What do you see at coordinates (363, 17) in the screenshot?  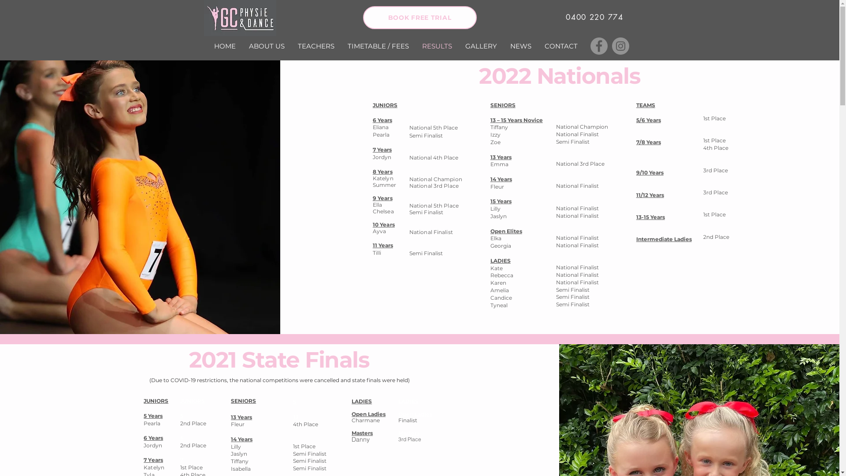 I see `'BOOK FREE TRIAL'` at bounding box center [363, 17].